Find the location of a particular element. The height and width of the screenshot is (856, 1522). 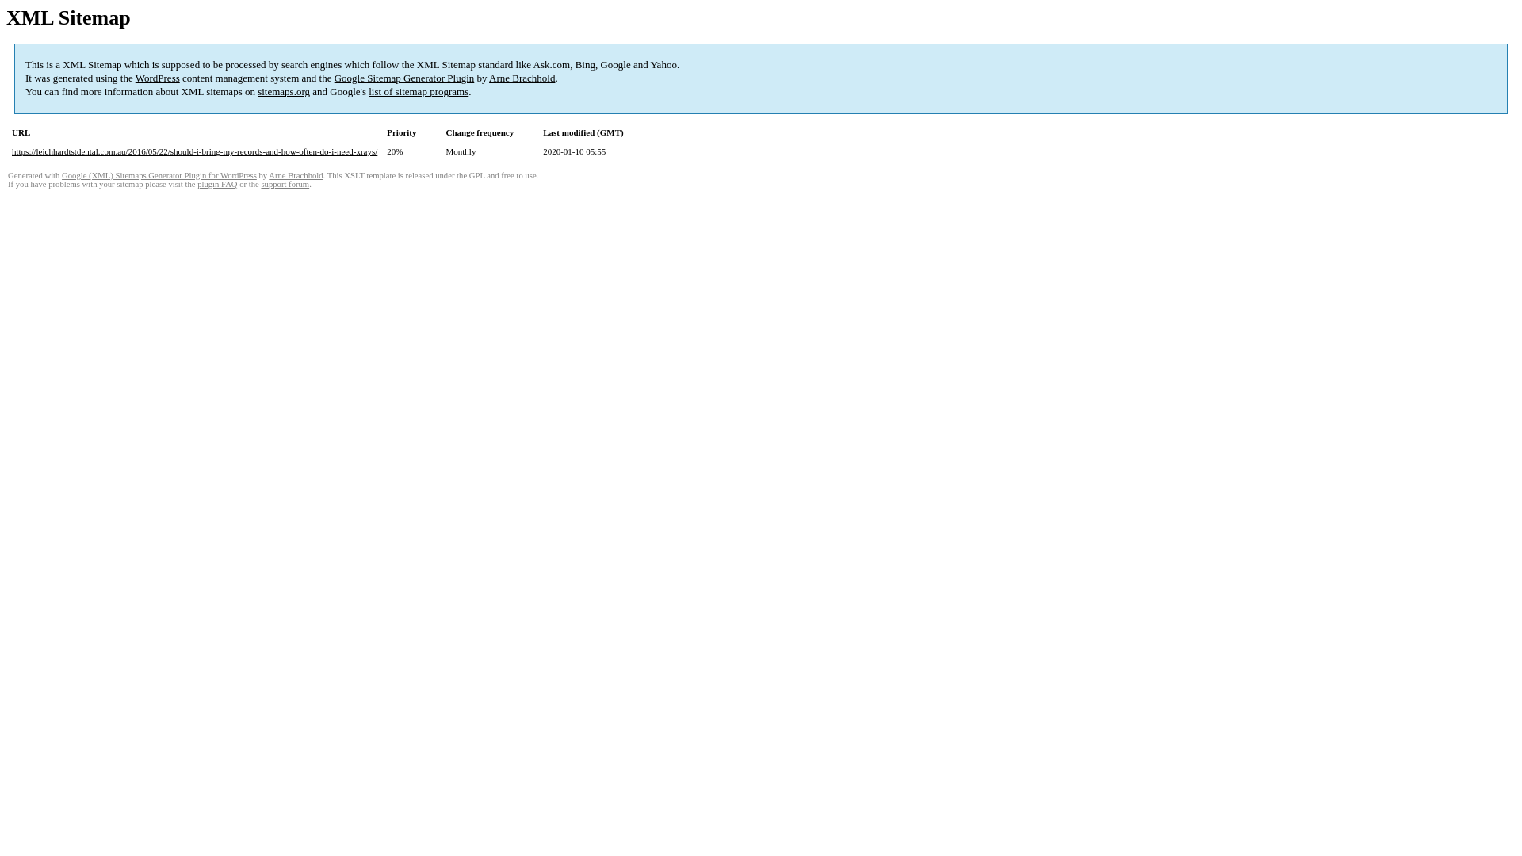

'Google (XML) Sitemaps Generator Plugin for WordPress' is located at coordinates (159, 175).